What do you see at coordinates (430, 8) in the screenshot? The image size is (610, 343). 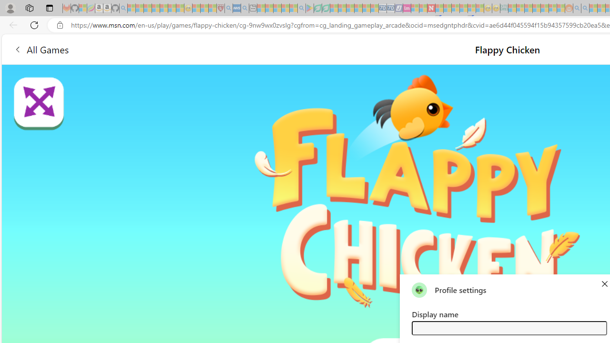 I see `'Latest Politics News & Archive | Newsweek.com - Sleeping'` at bounding box center [430, 8].